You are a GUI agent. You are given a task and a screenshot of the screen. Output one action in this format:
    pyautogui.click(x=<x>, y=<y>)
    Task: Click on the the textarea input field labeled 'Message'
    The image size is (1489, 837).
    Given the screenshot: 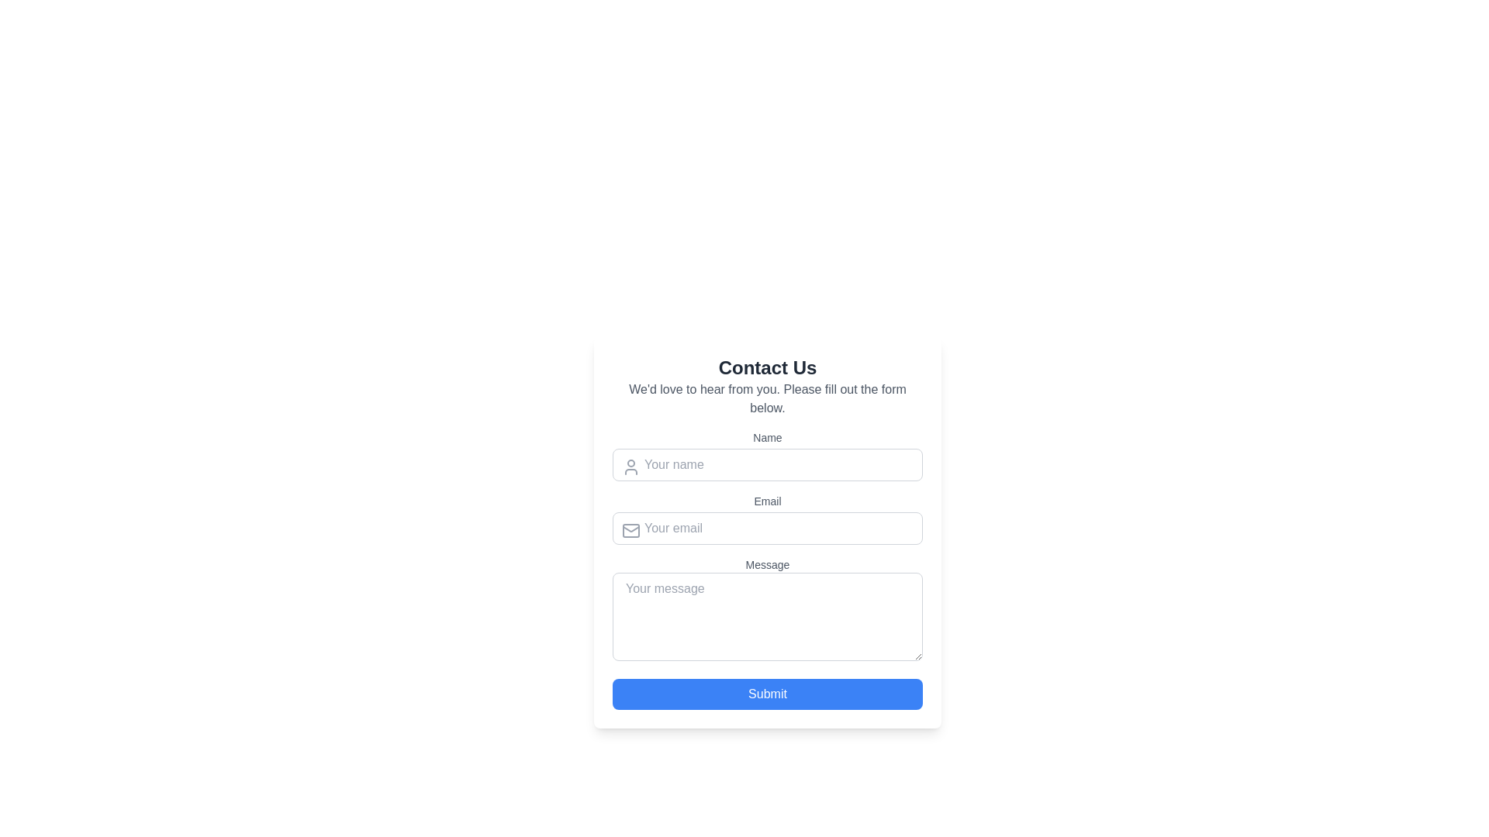 What is the action you would take?
    pyautogui.click(x=767, y=611)
    